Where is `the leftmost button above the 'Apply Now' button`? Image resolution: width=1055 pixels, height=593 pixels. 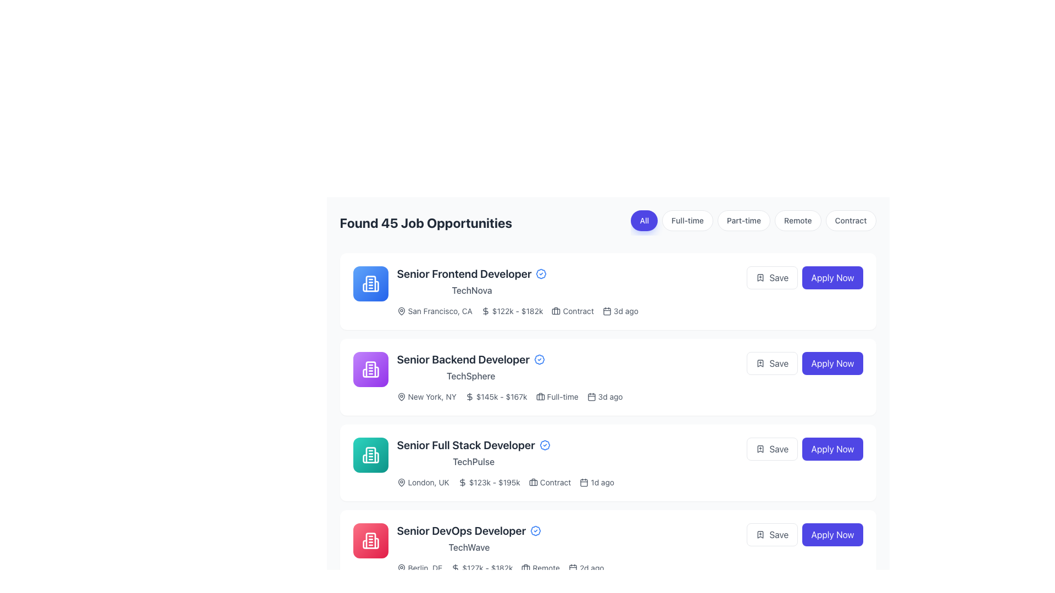 the leftmost button above the 'Apply Now' button is located at coordinates (771, 534).